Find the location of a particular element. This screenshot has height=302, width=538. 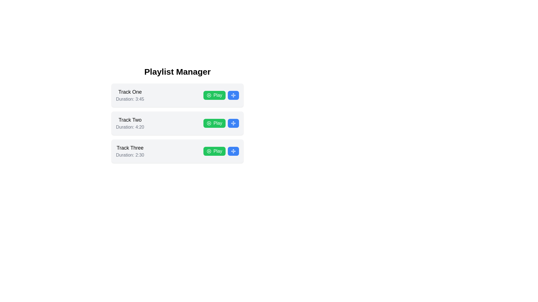

the green circular play icon inside the 'Play' button of 'Track Three' in the playlist manager is located at coordinates (208, 151).